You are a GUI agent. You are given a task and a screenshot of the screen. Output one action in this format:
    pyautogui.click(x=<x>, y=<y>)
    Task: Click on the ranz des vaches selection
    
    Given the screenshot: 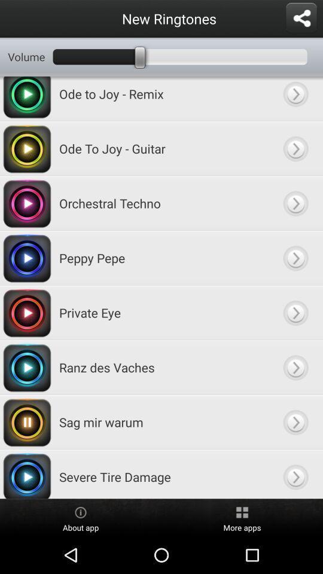 What is the action you would take?
    pyautogui.click(x=295, y=367)
    